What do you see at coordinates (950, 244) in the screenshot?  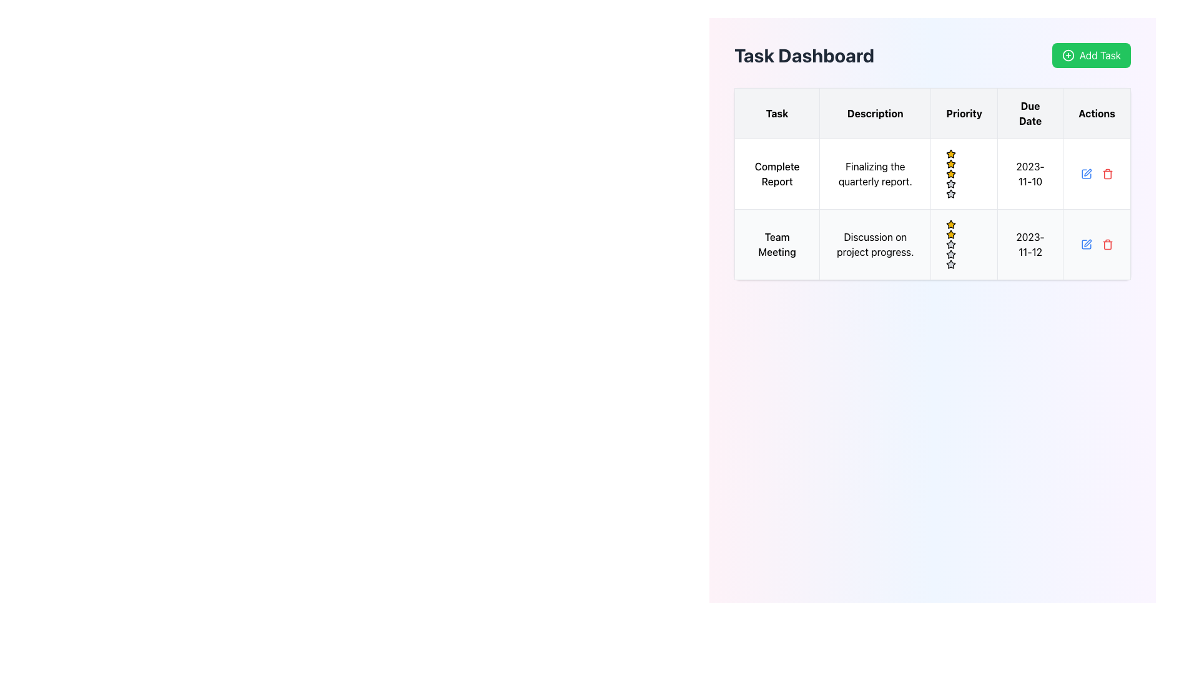 I see `the second star icon in the Priority column of the task table` at bounding box center [950, 244].